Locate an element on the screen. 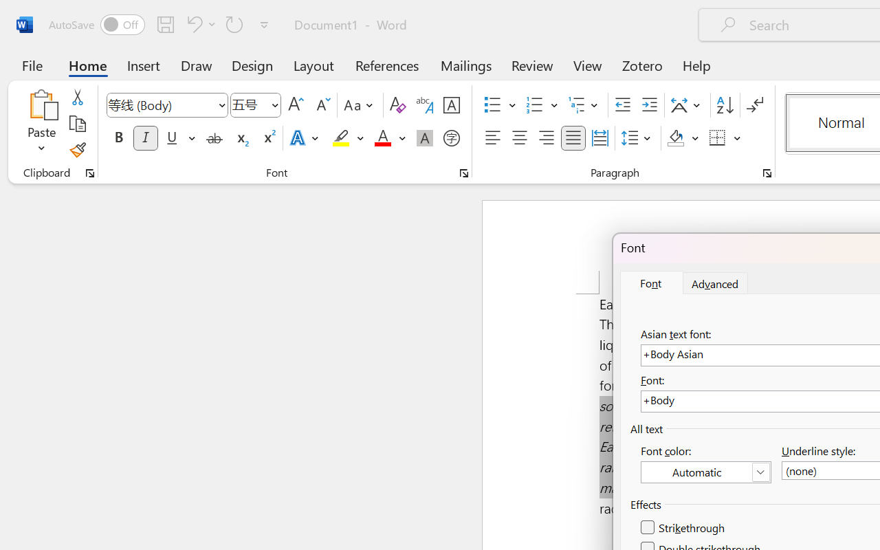  'Subscript' is located at coordinates (241, 138).